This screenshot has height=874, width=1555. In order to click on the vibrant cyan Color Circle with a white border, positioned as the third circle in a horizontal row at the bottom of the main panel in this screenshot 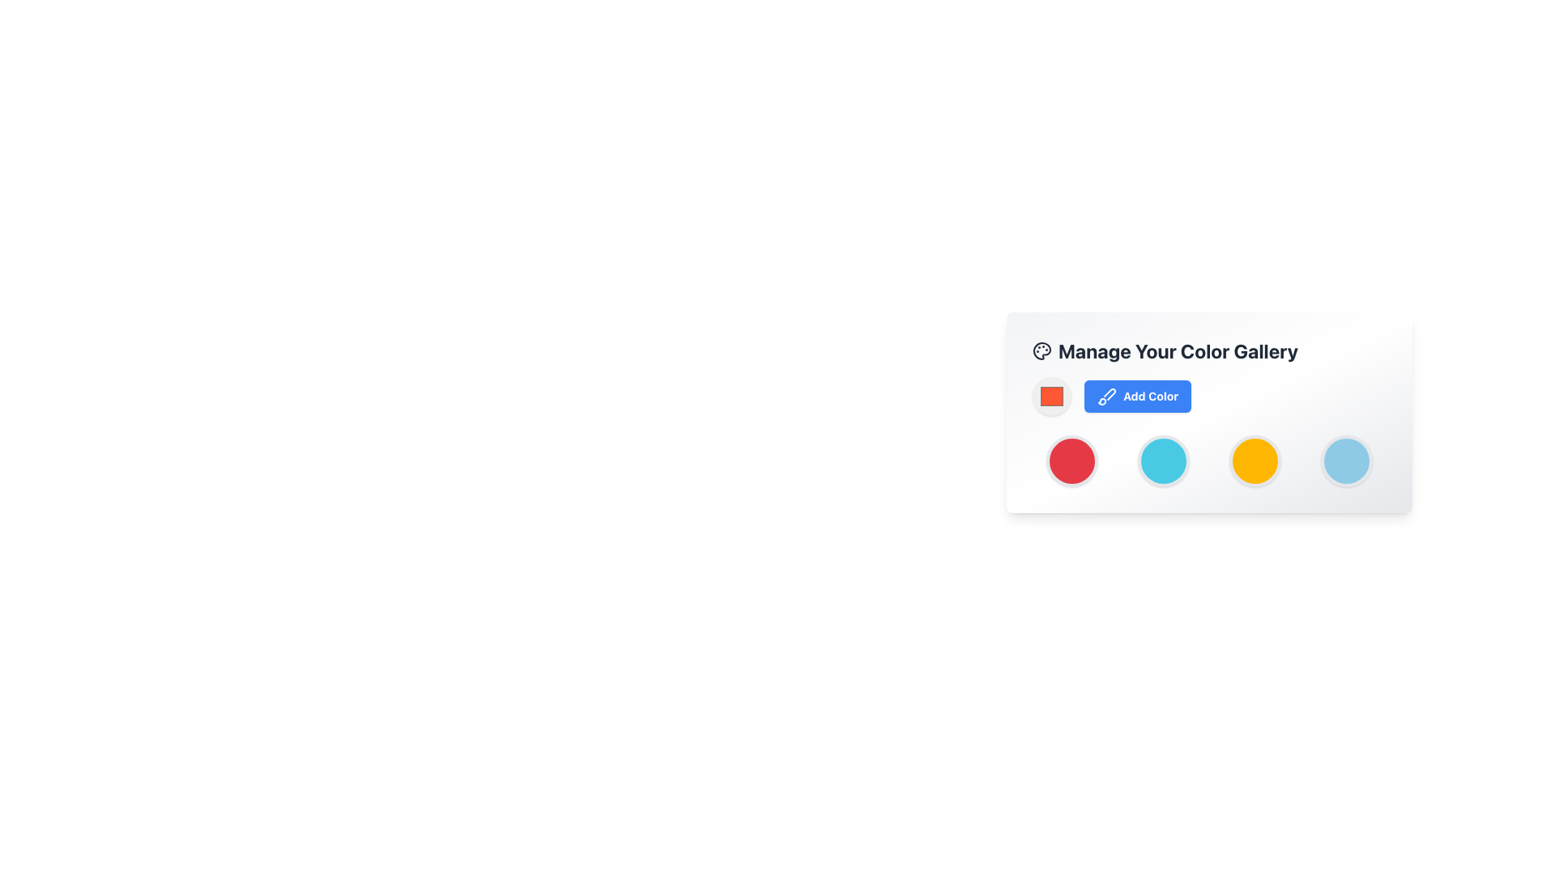, I will do `click(1162, 461)`.